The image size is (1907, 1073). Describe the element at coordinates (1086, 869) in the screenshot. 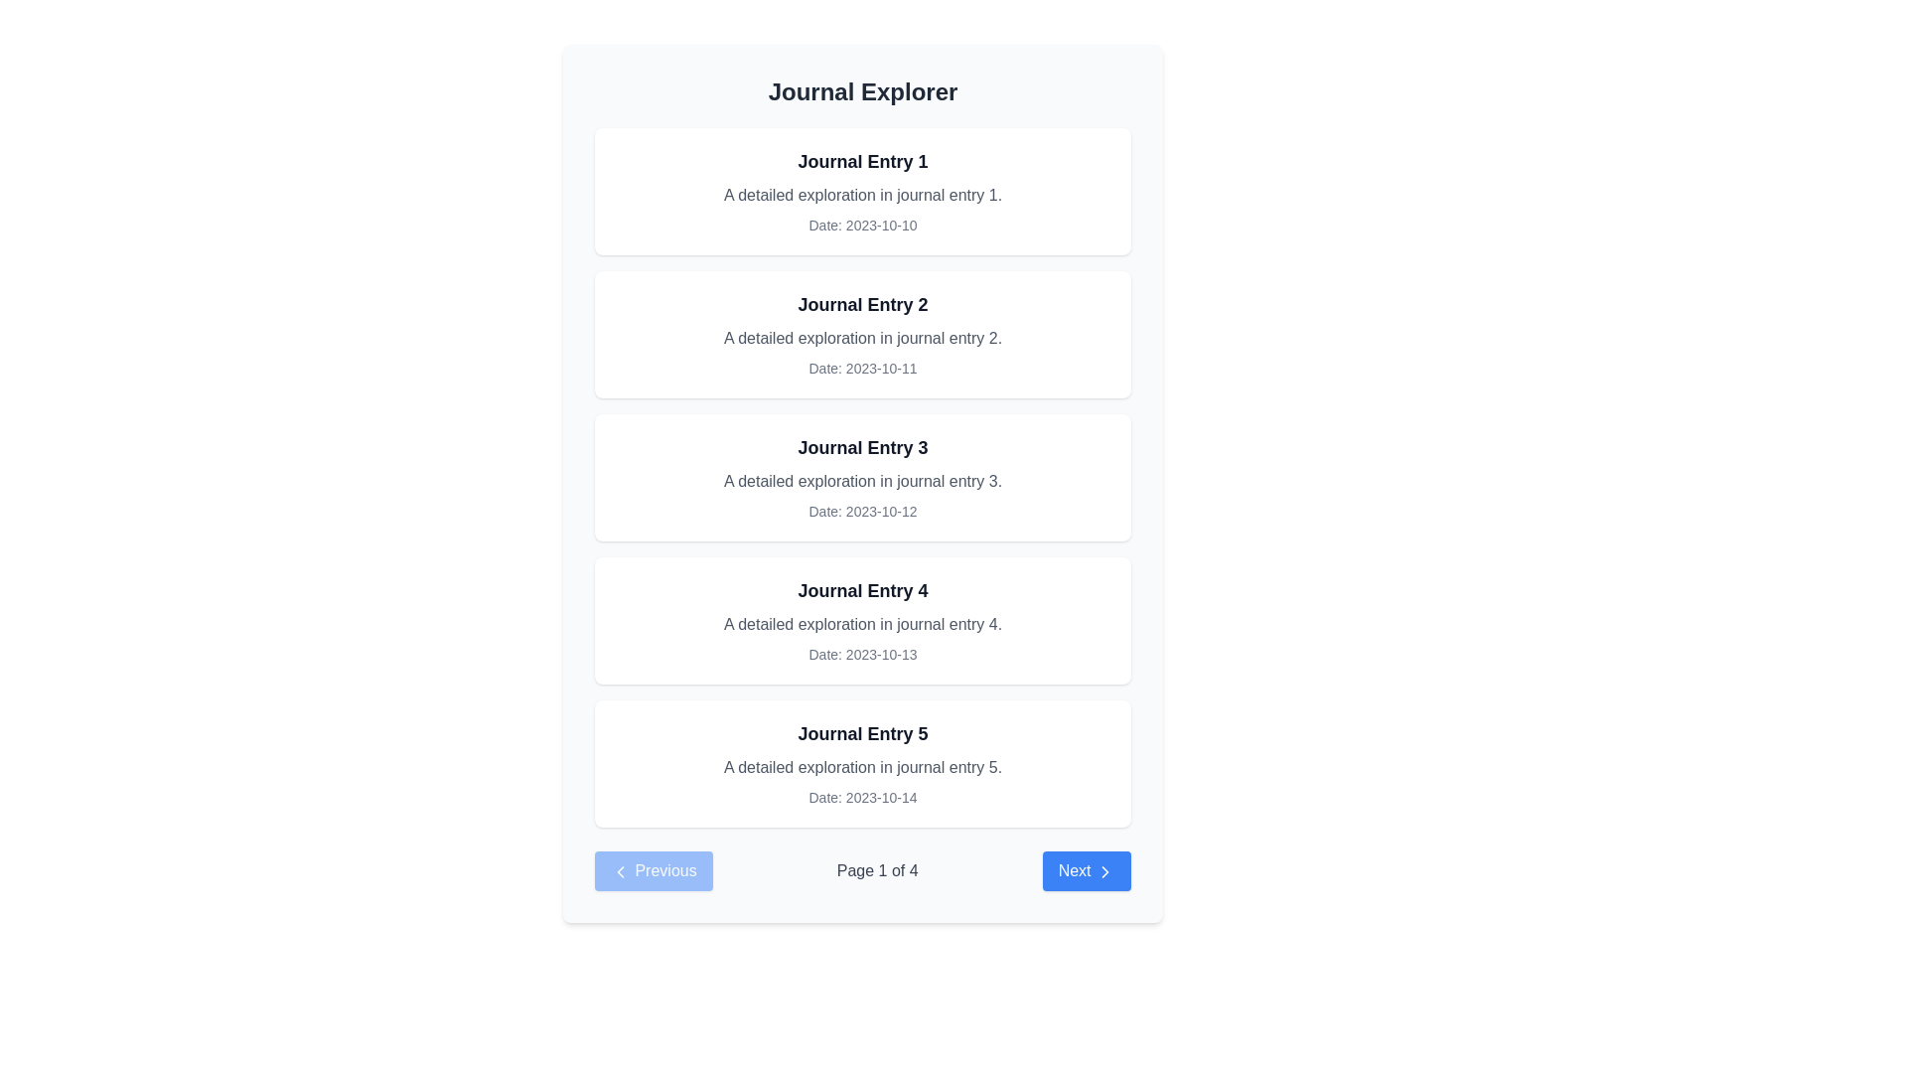

I see `the 'Next' button, which is styled with a blue background, white text, rounded corners, and includes a right-pointing chevron icon` at that location.